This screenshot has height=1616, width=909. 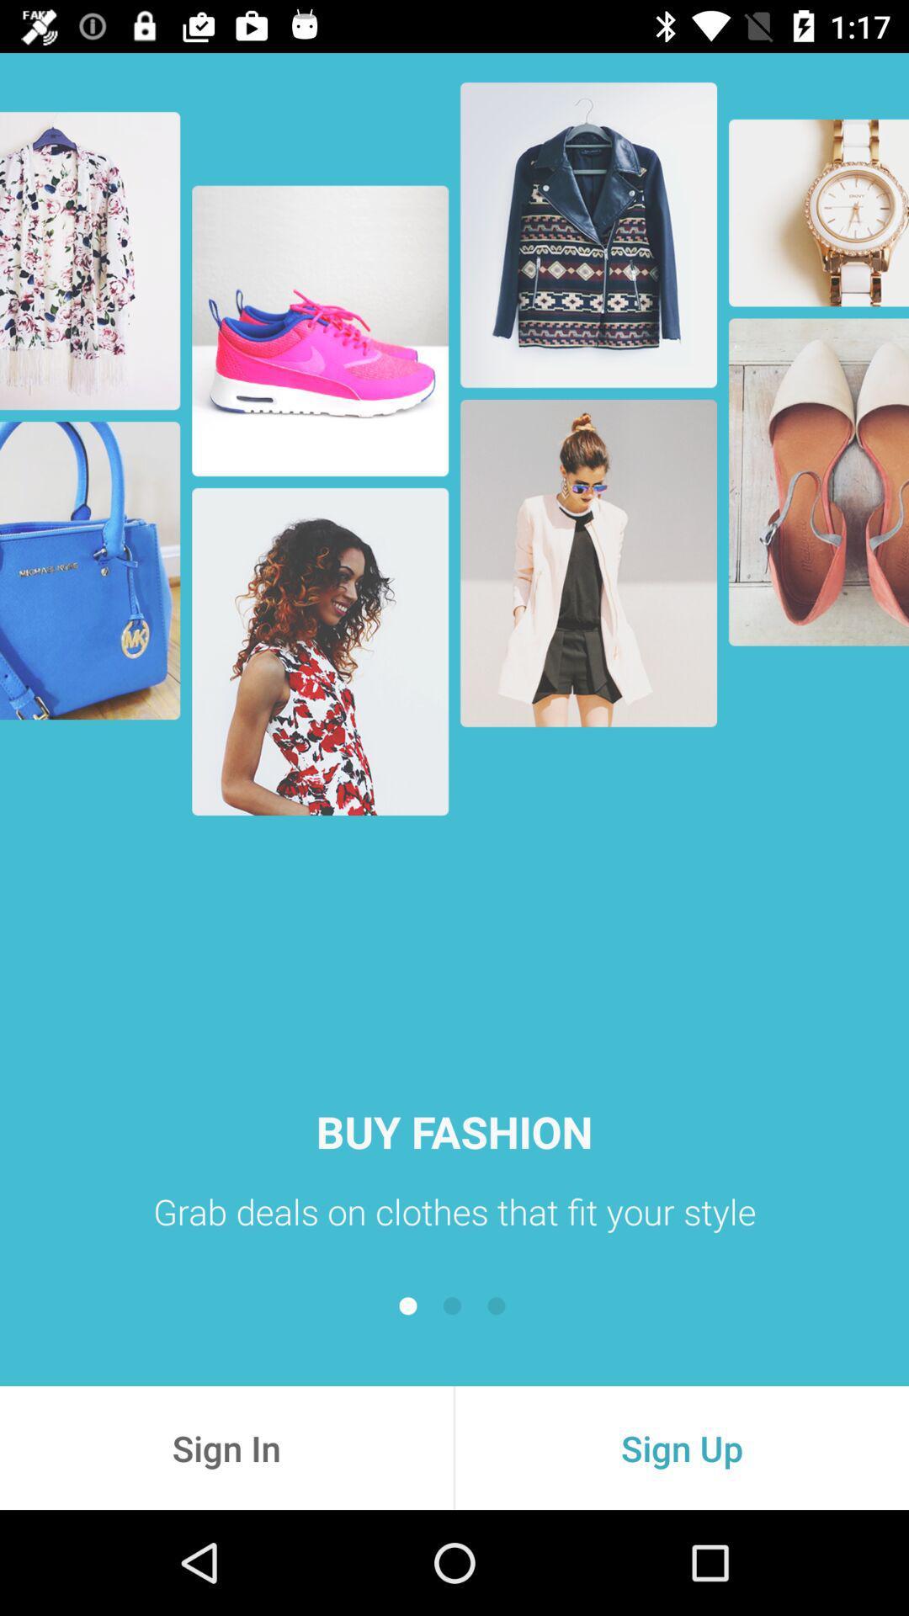 What do you see at coordinates (682, 1447) in the screenshot?
I see `sign up at the bottom right corner` at bounding box center [682, 1447].